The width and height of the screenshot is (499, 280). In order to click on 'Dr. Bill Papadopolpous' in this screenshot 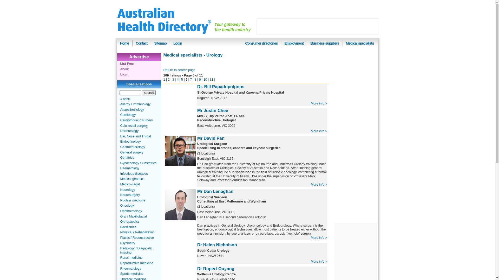, I will do `click(197, 86)`.